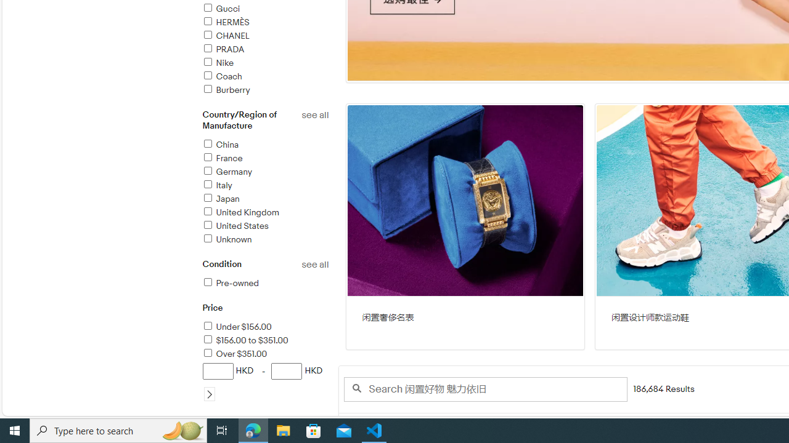 This screenshot has height=443, width=789. What do you see at coordinates (227, 172) in the screenshot?
I see `'Germany'` at bounding box center [227, 172].